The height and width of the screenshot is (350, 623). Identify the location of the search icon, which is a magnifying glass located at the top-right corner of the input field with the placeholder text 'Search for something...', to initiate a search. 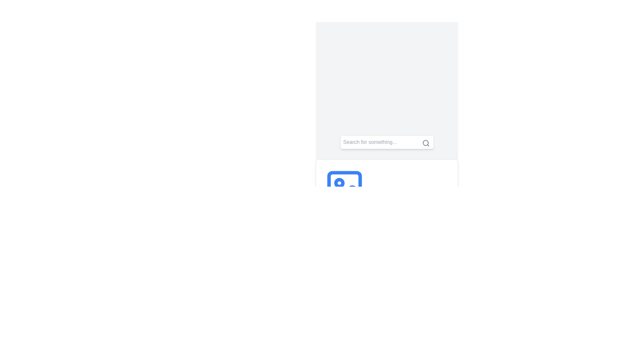
(426, 143).